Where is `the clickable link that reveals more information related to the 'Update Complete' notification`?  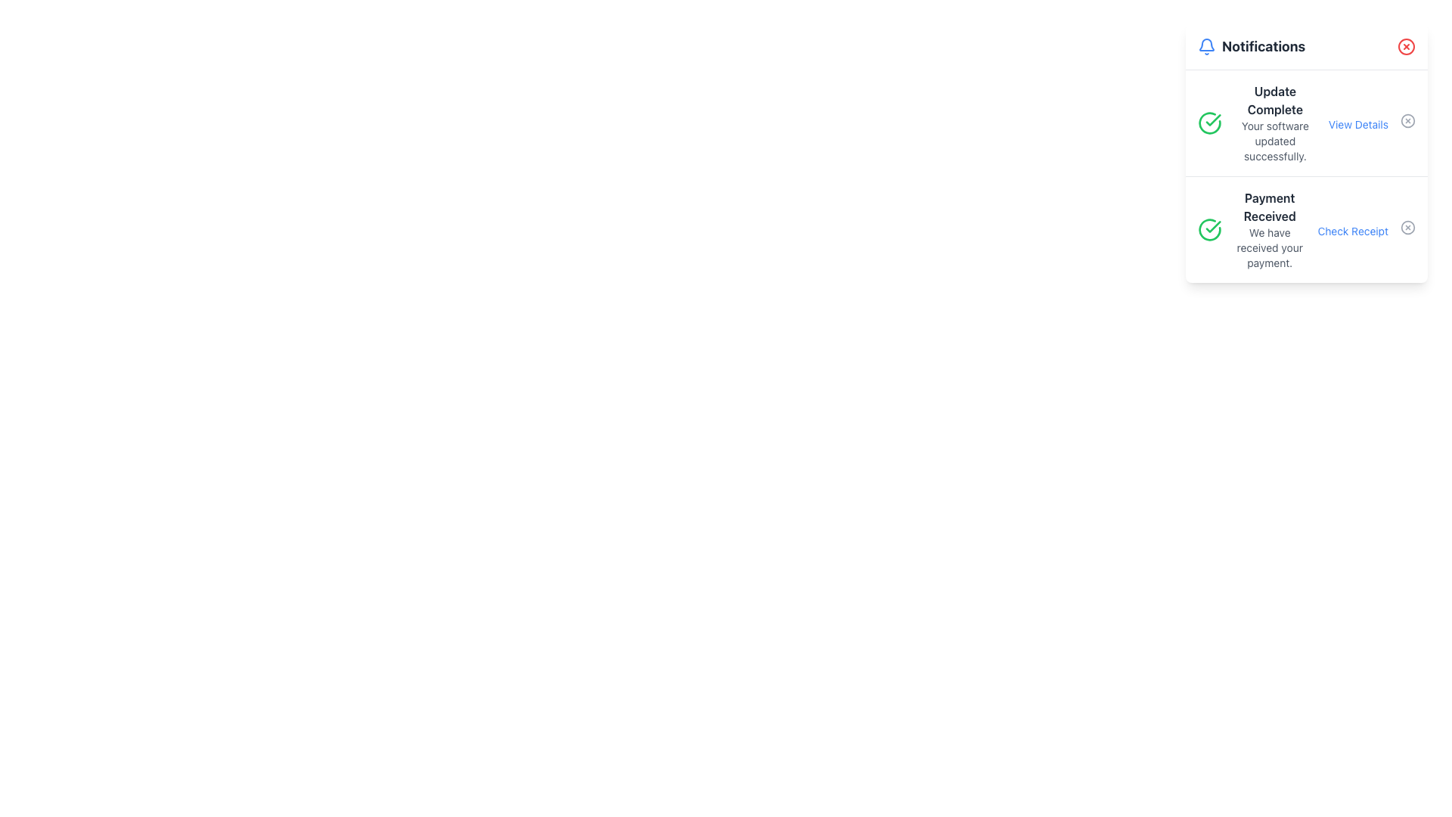
the clickable link that reveals more information related to the 'Update Complete' notification is located at coordinates (1358, 124).